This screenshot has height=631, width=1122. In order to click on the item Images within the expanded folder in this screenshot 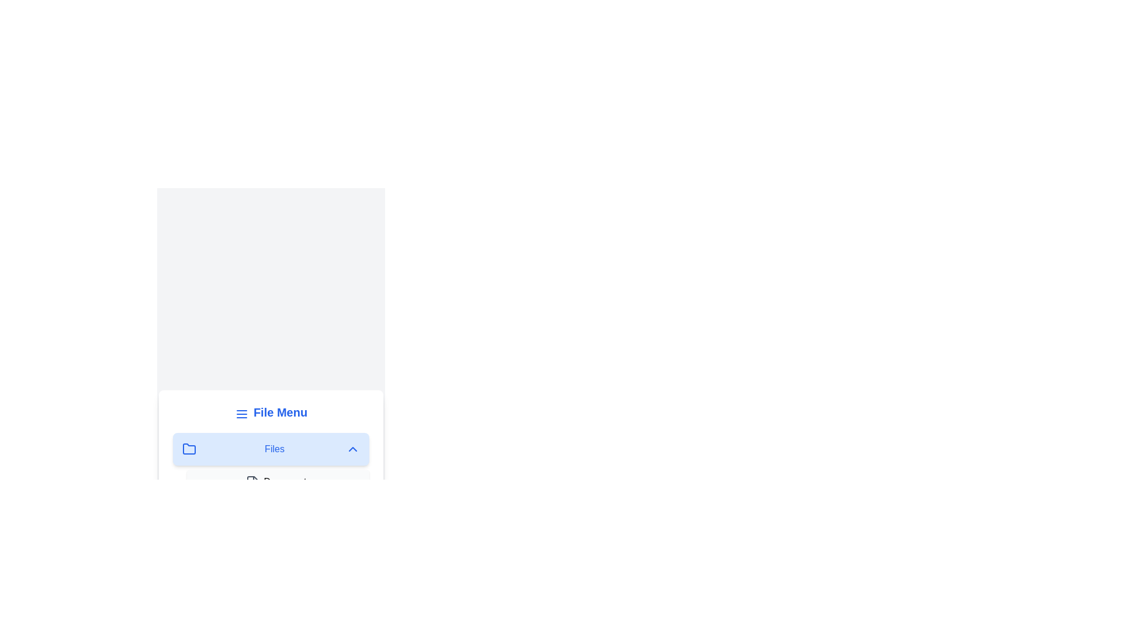, I will do `click(277, 510)`.